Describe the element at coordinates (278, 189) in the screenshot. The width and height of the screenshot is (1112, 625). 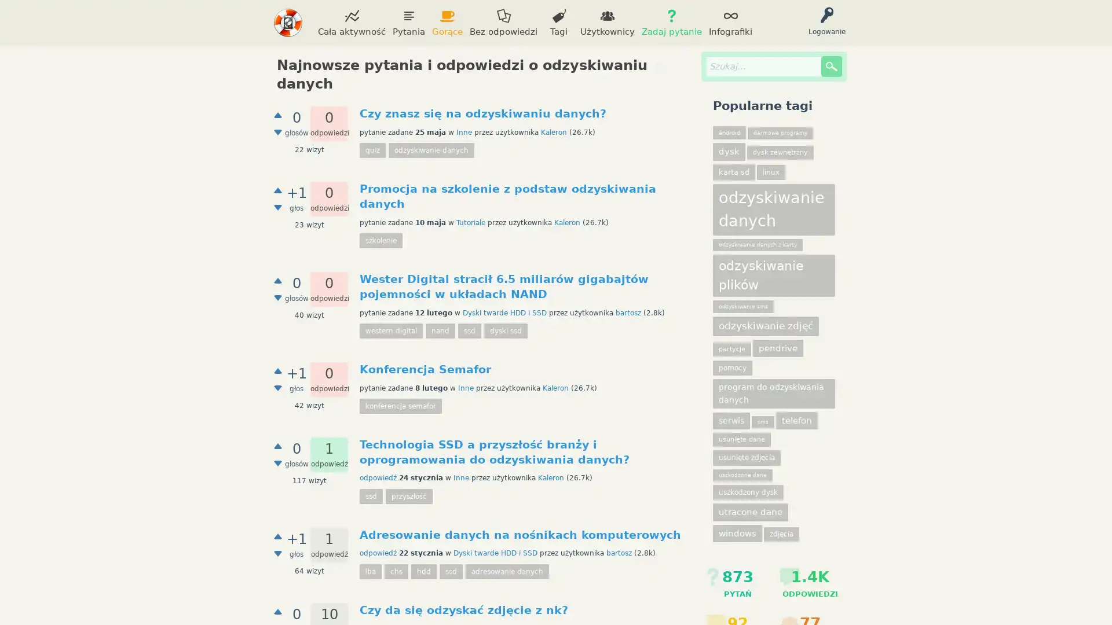
I see `+` at that location.